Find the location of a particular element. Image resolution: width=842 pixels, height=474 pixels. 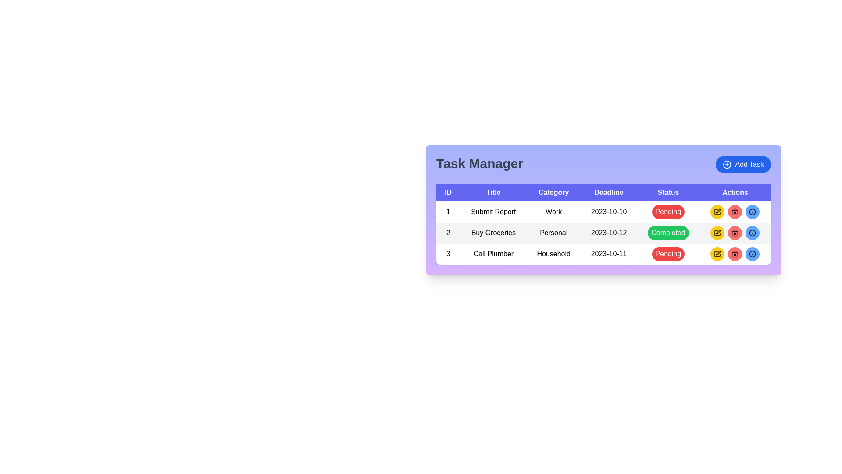

the pen icon button in the 'Actions' column of the second row for the task 'Buy Groceries' to initiate an edit action is located at coordinates (718, 253).